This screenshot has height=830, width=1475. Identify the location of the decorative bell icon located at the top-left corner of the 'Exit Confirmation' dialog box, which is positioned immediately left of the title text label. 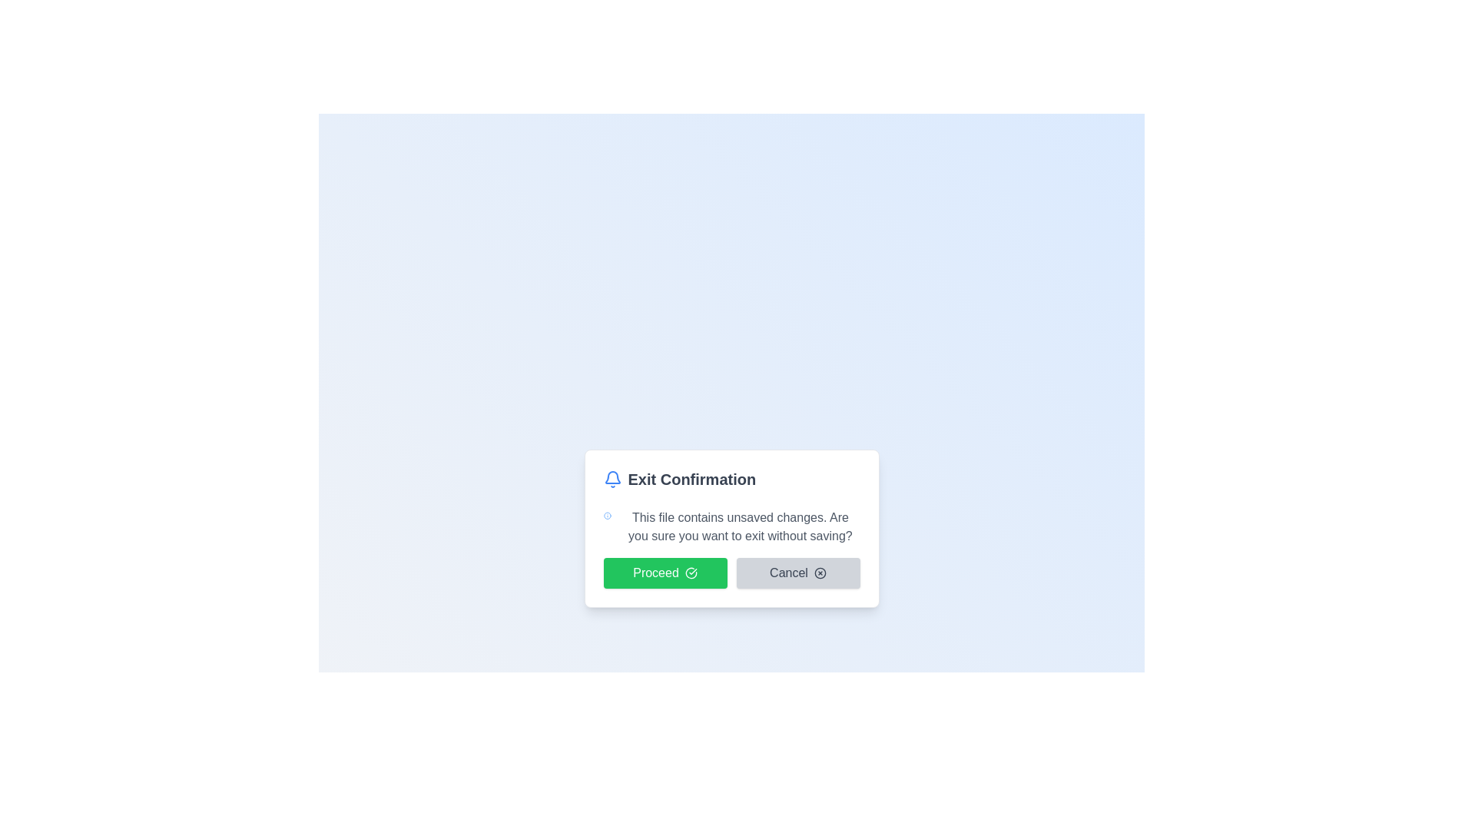
(612, 479).